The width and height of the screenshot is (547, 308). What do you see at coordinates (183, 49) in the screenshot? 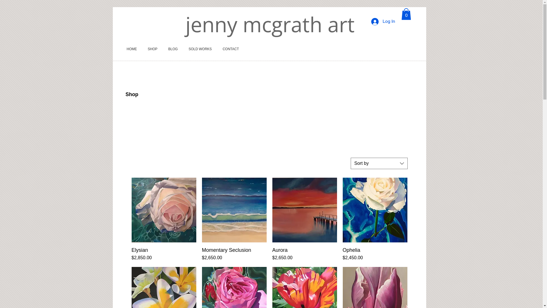
I see `'SOLD WORKS'` at bounding box center [183, 49].